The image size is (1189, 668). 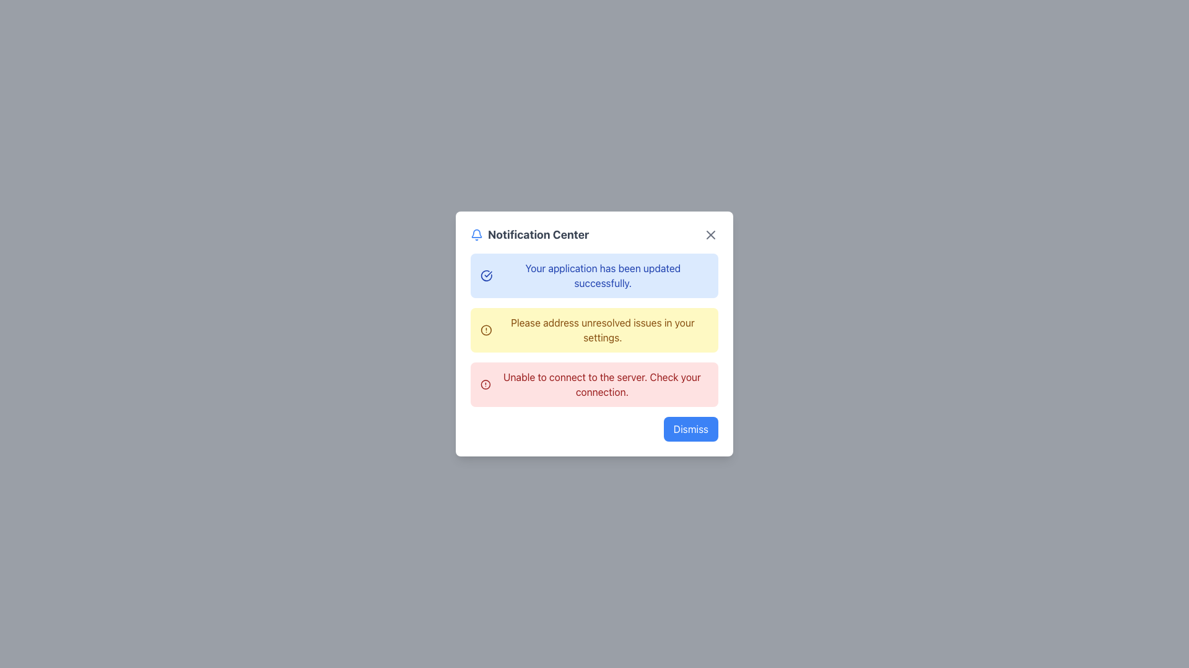 I want to click on the notification box with red background stating 'Unable to connect to the server. Check your connection.' by clicking on it, so click(x=594, y=383).